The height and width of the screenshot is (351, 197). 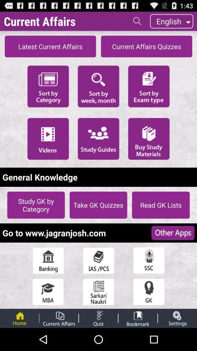 What do you see at coordinates (98, 260) in the screenshot?
I see `open a menu` at bounding box center [98, 260].